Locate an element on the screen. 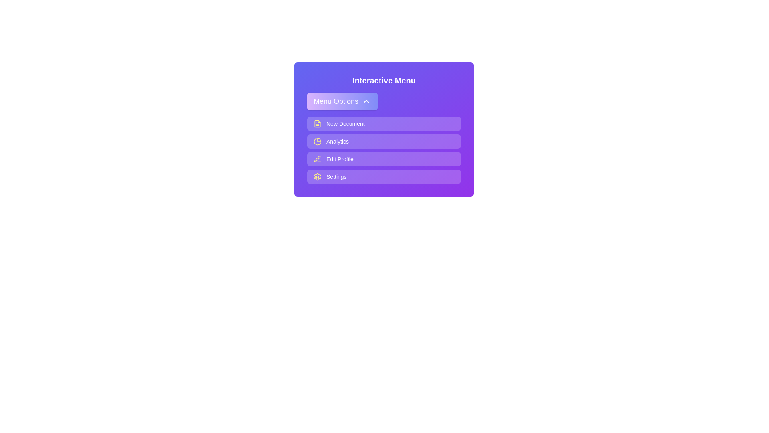 The image size is (769, 433). the downward-pointing chevron icon next to 'Menu Options' is located at coordinates (366, 101).